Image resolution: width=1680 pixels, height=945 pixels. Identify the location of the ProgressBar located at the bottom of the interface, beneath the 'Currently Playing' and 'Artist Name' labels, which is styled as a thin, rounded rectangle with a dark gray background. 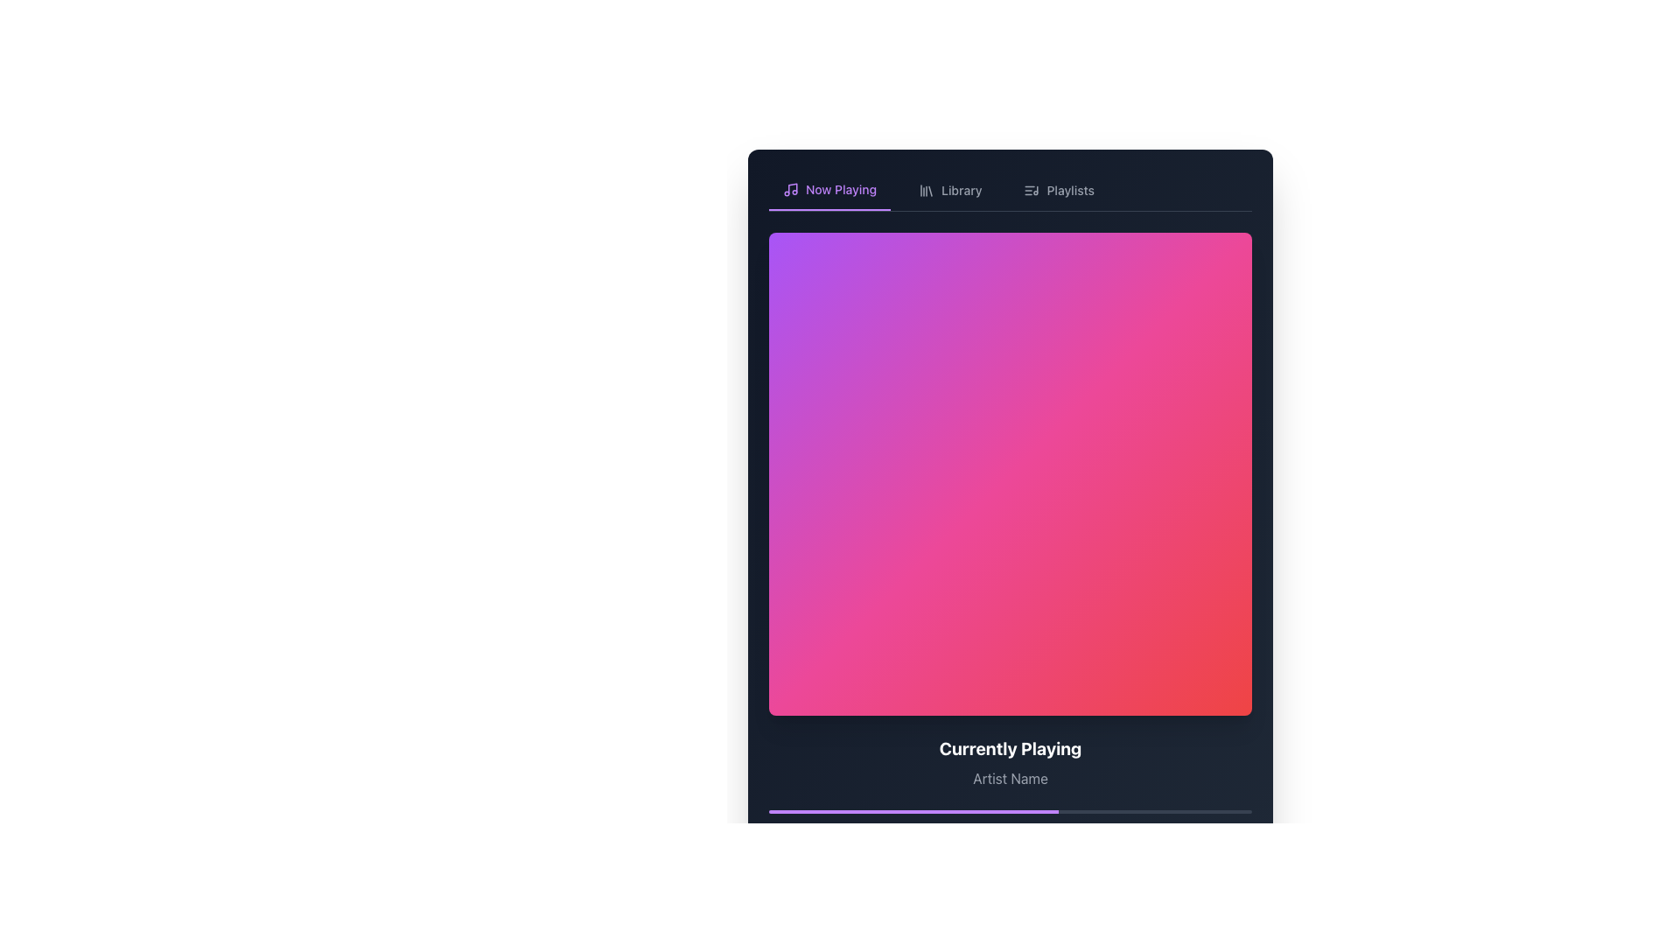
(1023, 930).